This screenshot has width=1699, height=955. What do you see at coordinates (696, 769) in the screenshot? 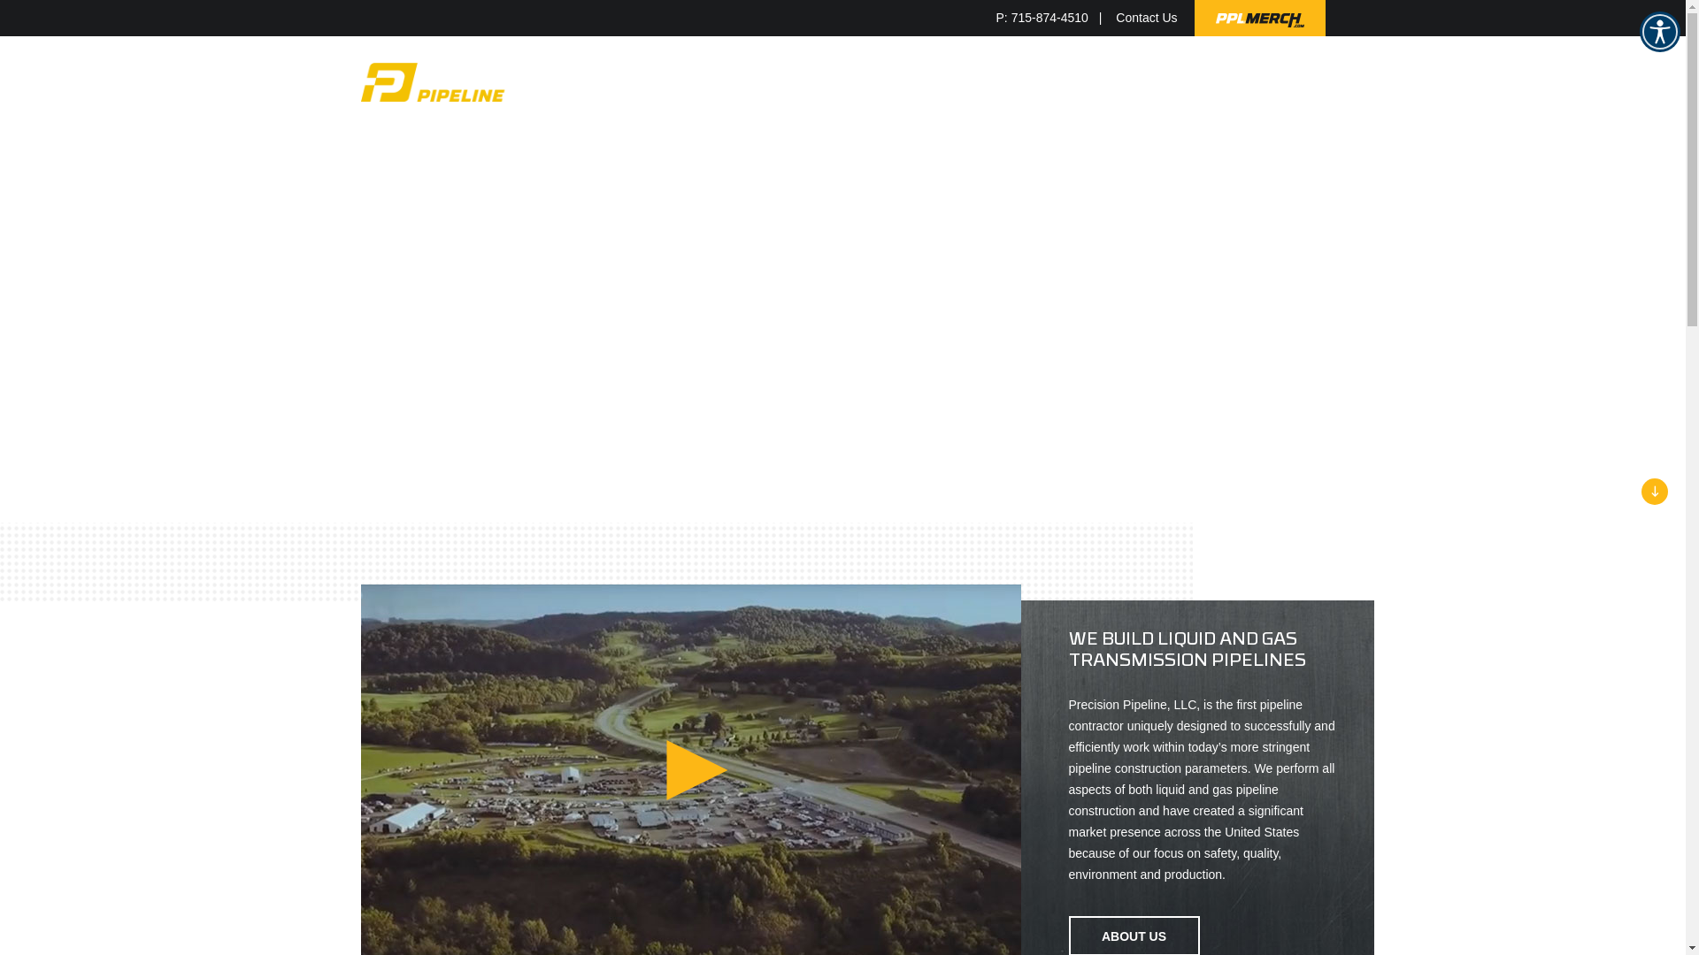
I see `'Play Video'` at bounding box center [696, 769].